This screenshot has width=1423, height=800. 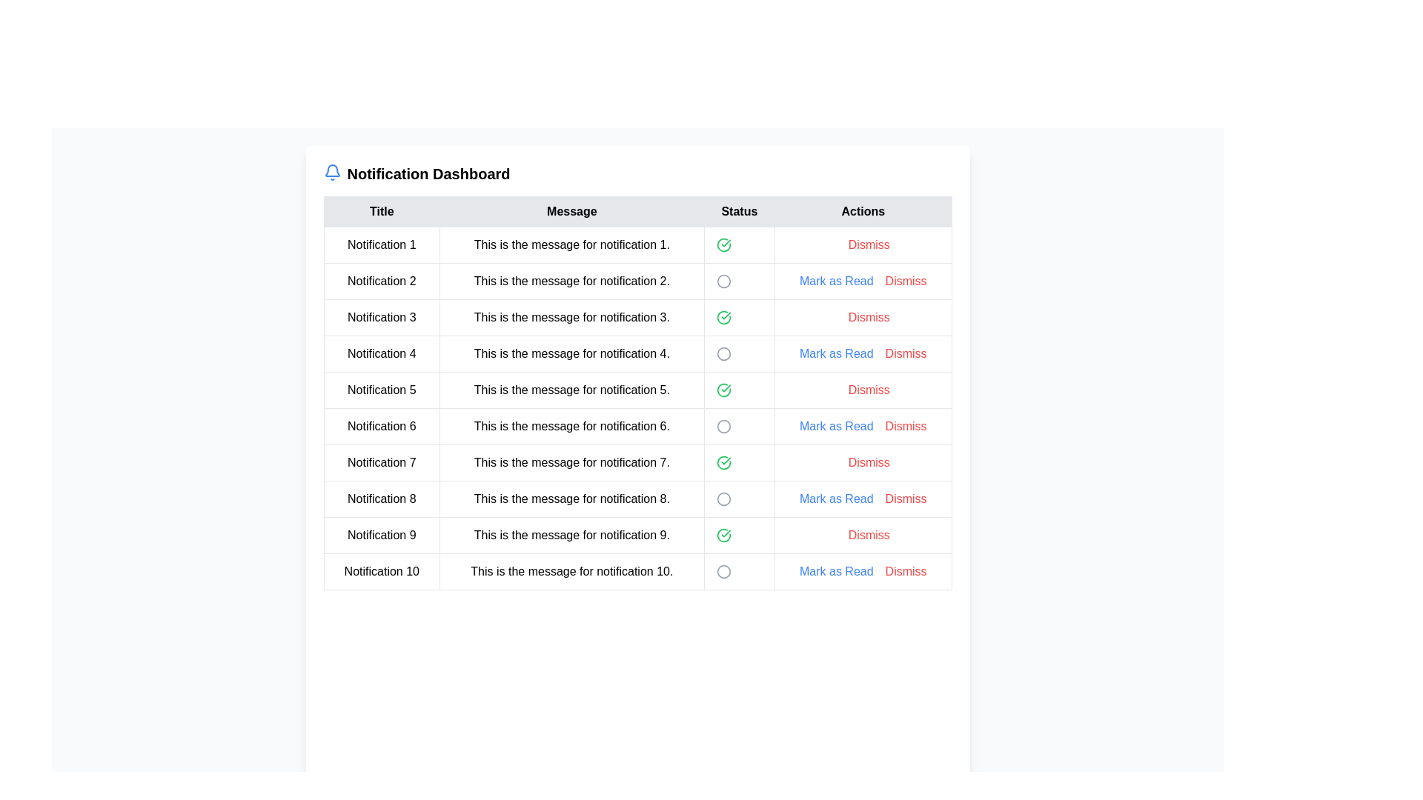 I want to click on the notification row displaying 'Notification 6', so click(x=637, y=426).